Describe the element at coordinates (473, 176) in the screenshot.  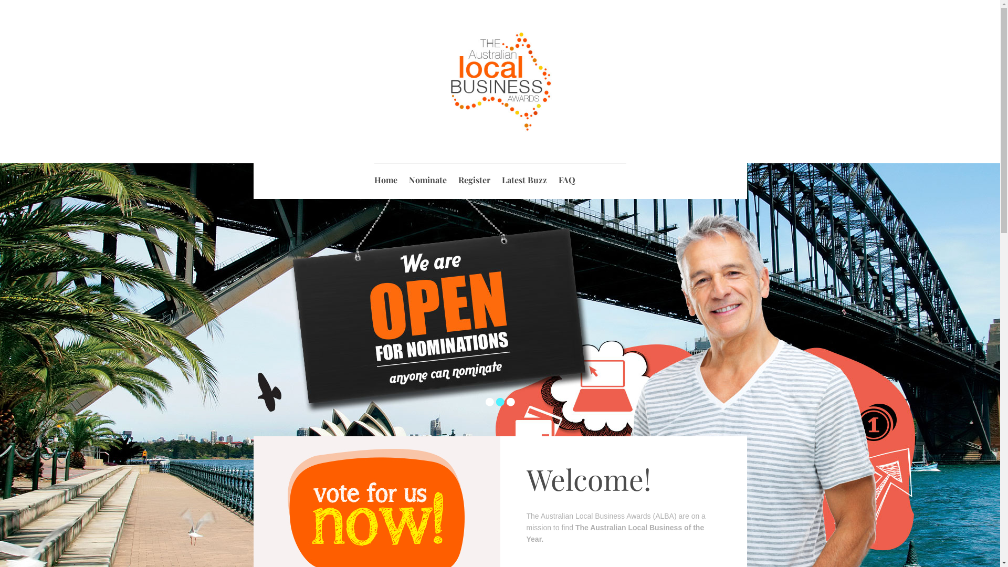
I see `'Register'` at that location.